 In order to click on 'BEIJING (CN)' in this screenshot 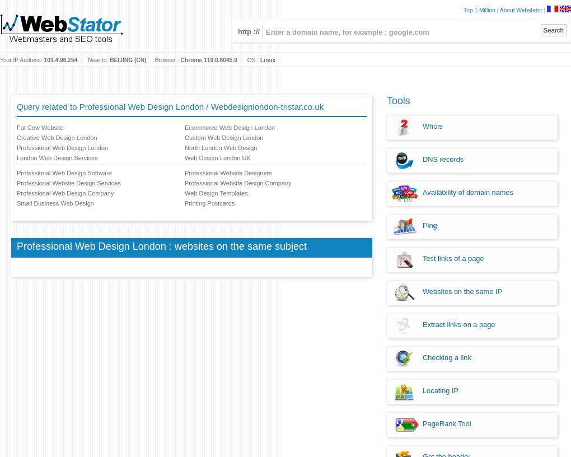, I will do `click(128, 60)`.